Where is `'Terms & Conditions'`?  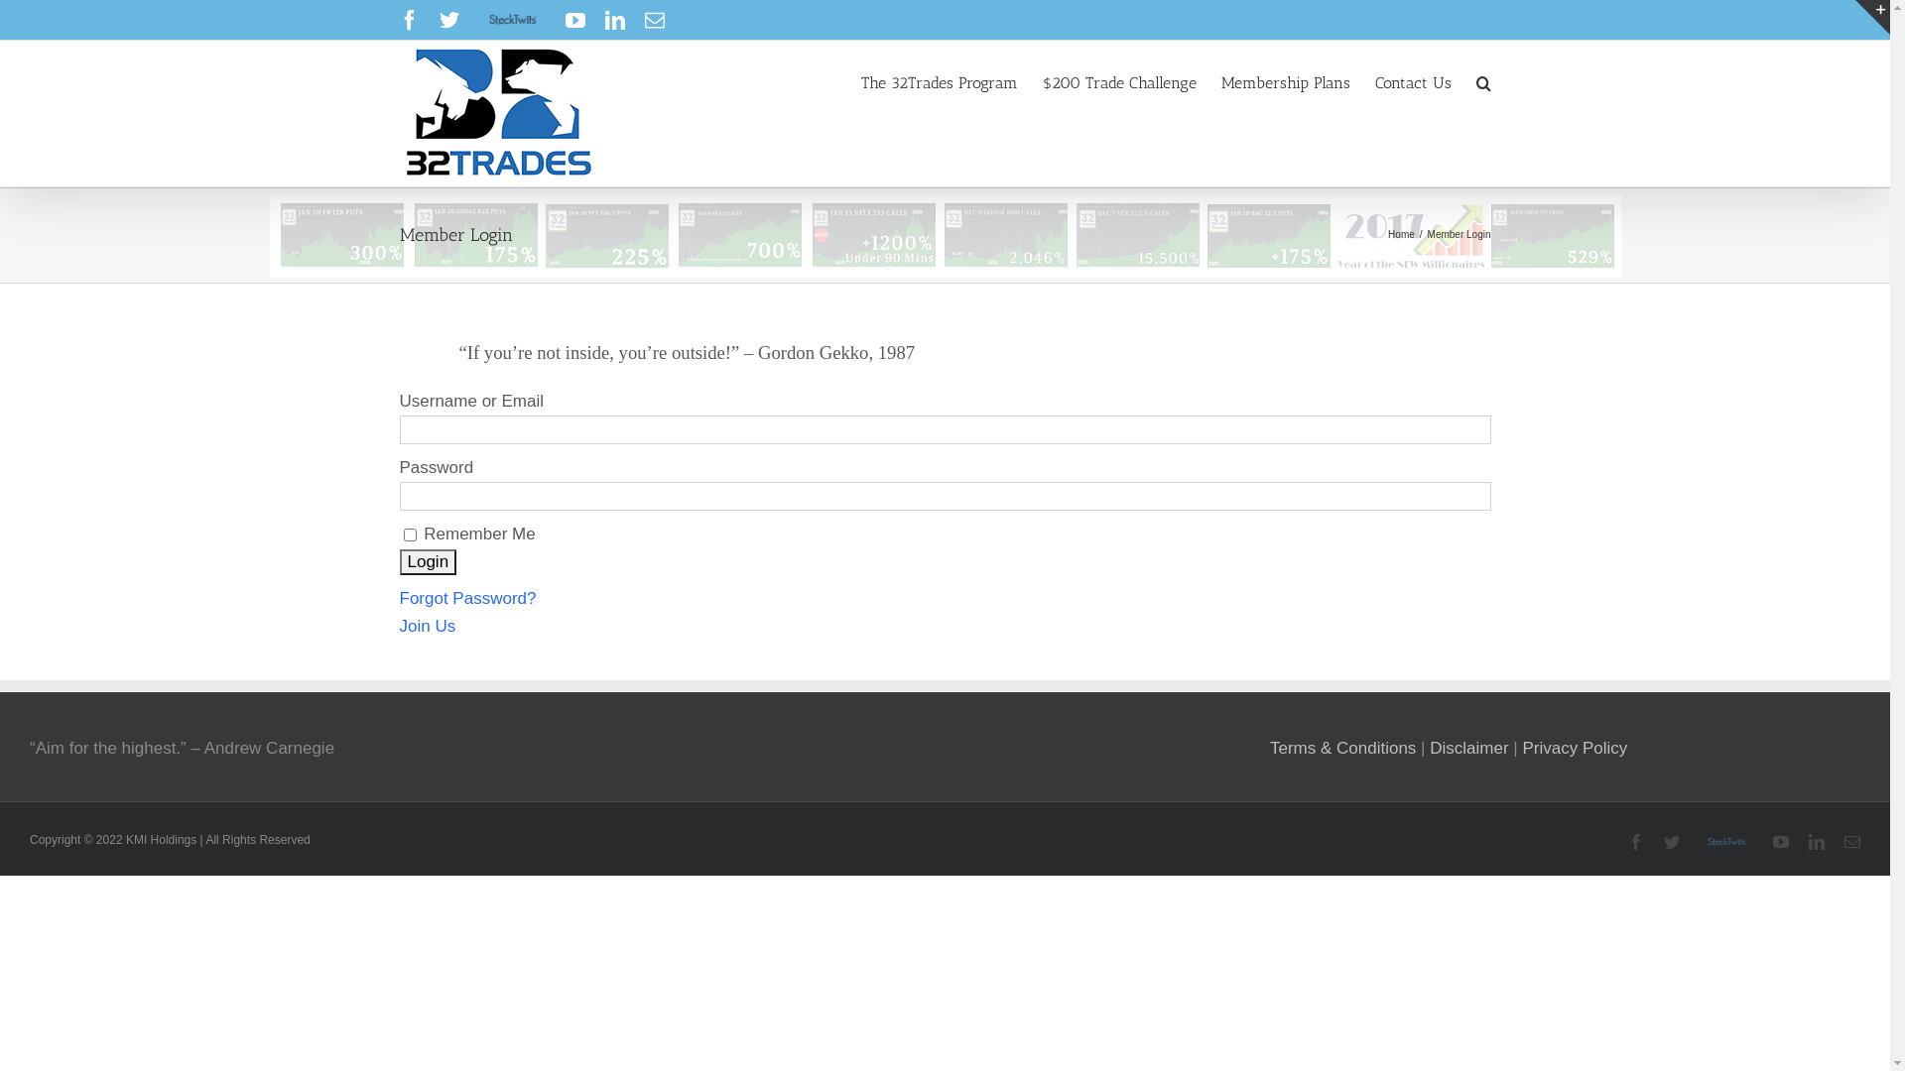 'Terms & Conditions' is located at coordinates (1342, 748).